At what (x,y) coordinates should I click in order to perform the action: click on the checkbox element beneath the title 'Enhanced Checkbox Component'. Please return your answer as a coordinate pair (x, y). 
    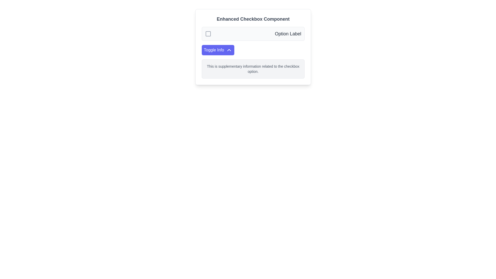
    Looking at the image, I should click on (253, 34).